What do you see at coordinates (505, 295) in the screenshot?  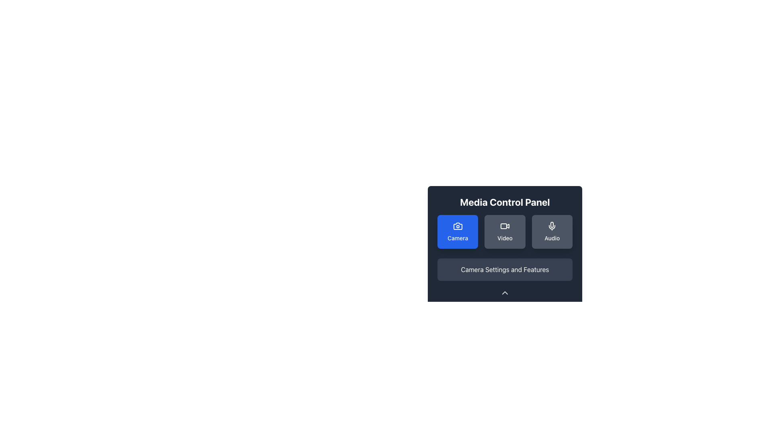 I see `the upward scrolling icon located at the bottom center of the Media Control Panel` at bounding box center [505, 295].